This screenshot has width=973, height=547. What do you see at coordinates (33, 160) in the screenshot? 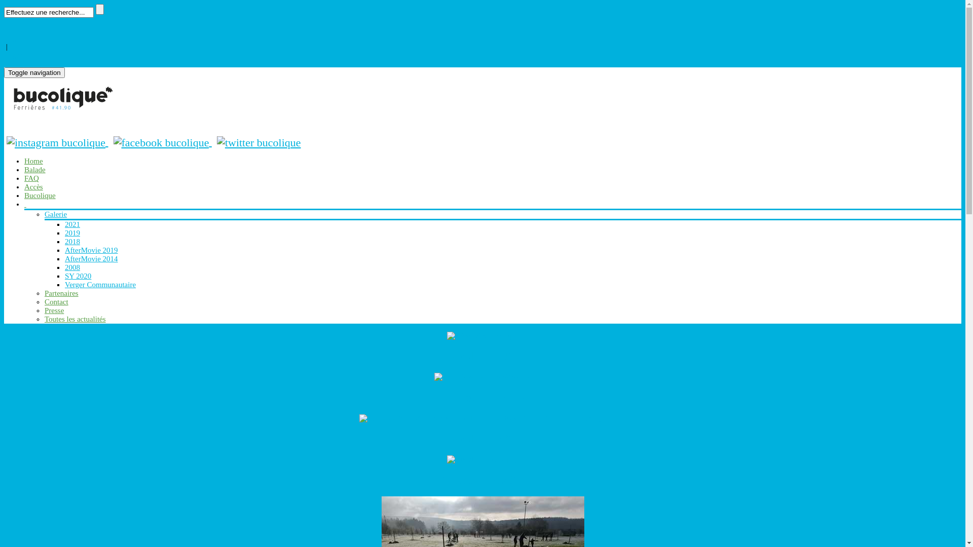
I see `'Home'` at bounding box center [33, 160].